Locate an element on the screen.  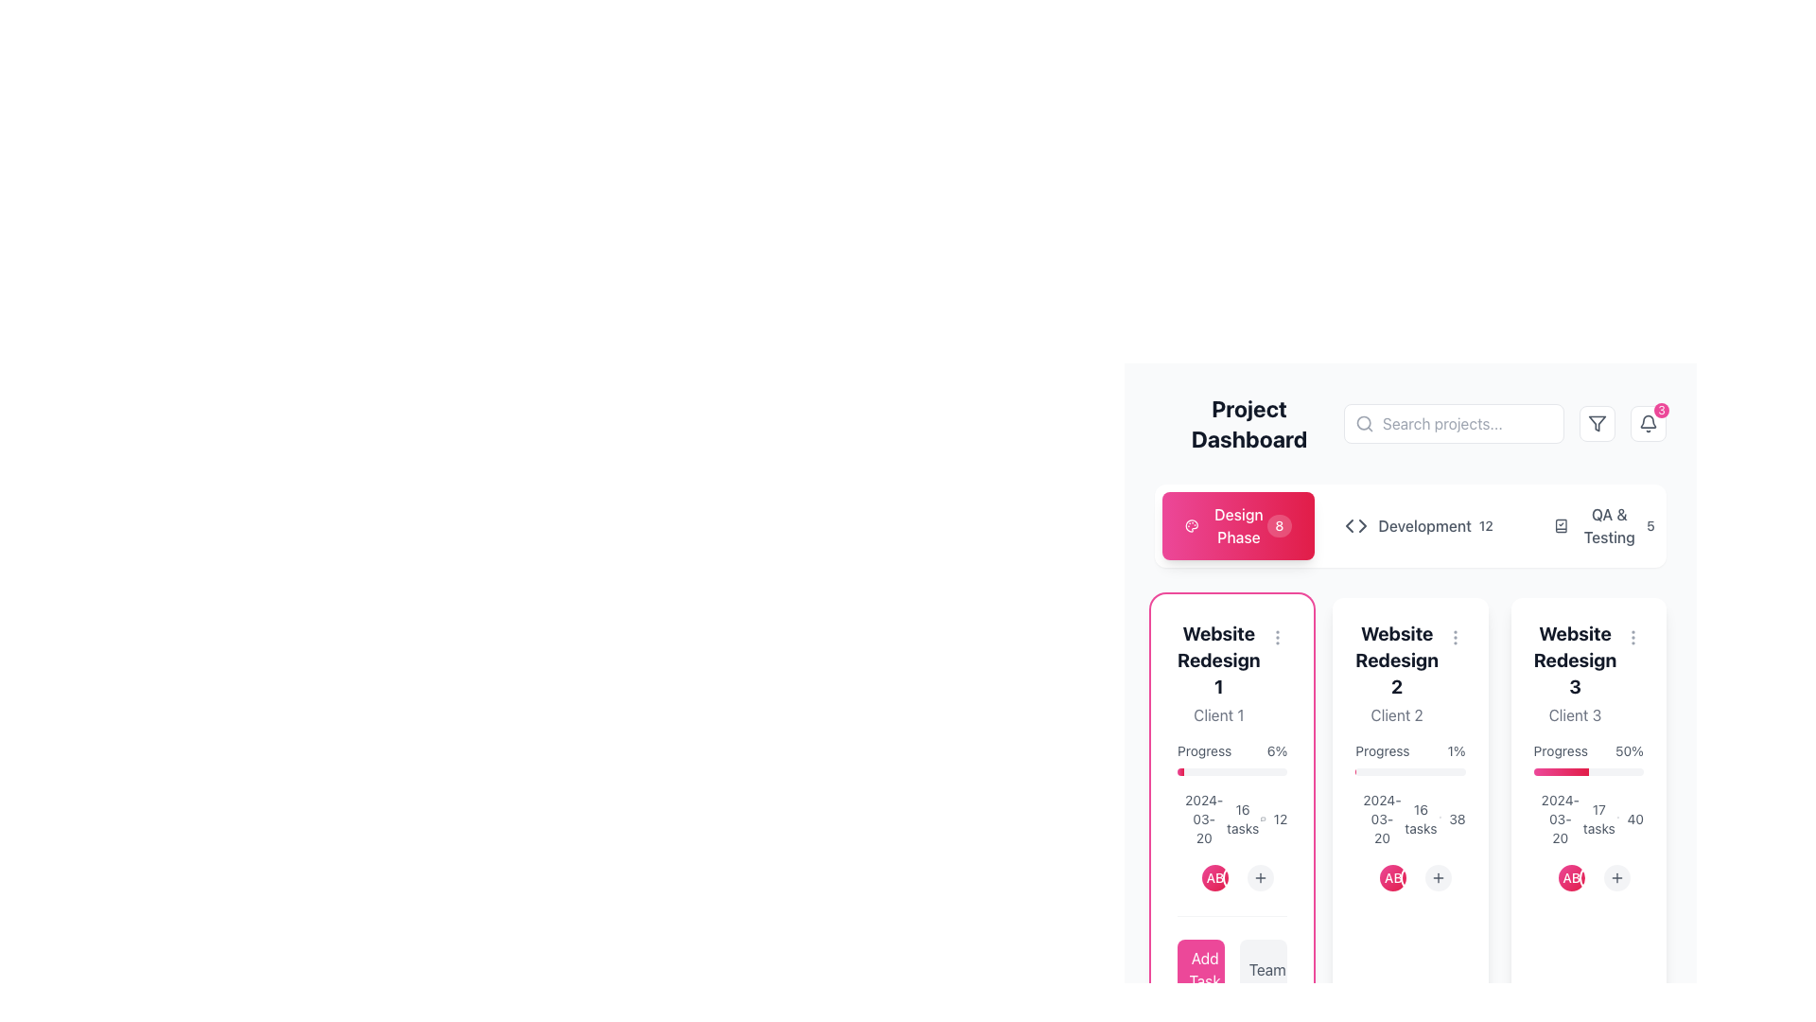
the second circular icon under the 'Website Redesign 2' section is located at coordinates (1393, 878).